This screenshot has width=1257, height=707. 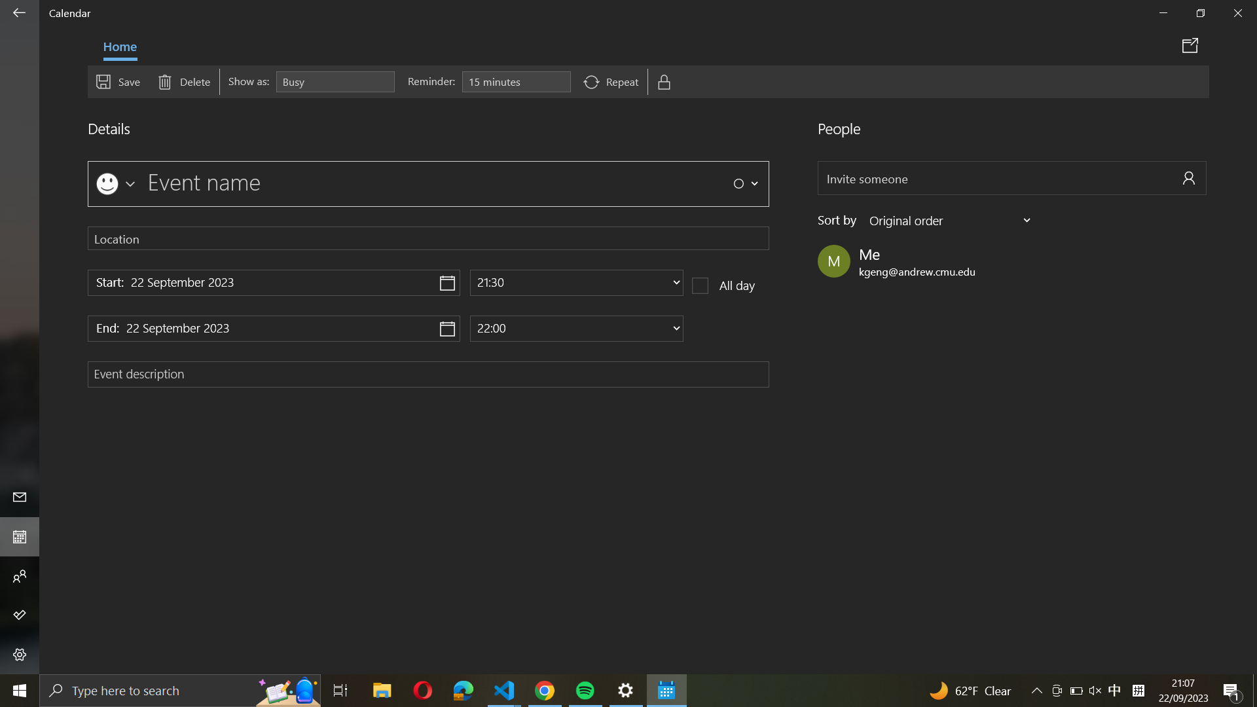 I want to click on Adjust event"s conclusion time to 22:00 hours, so click(x=576, y=327).